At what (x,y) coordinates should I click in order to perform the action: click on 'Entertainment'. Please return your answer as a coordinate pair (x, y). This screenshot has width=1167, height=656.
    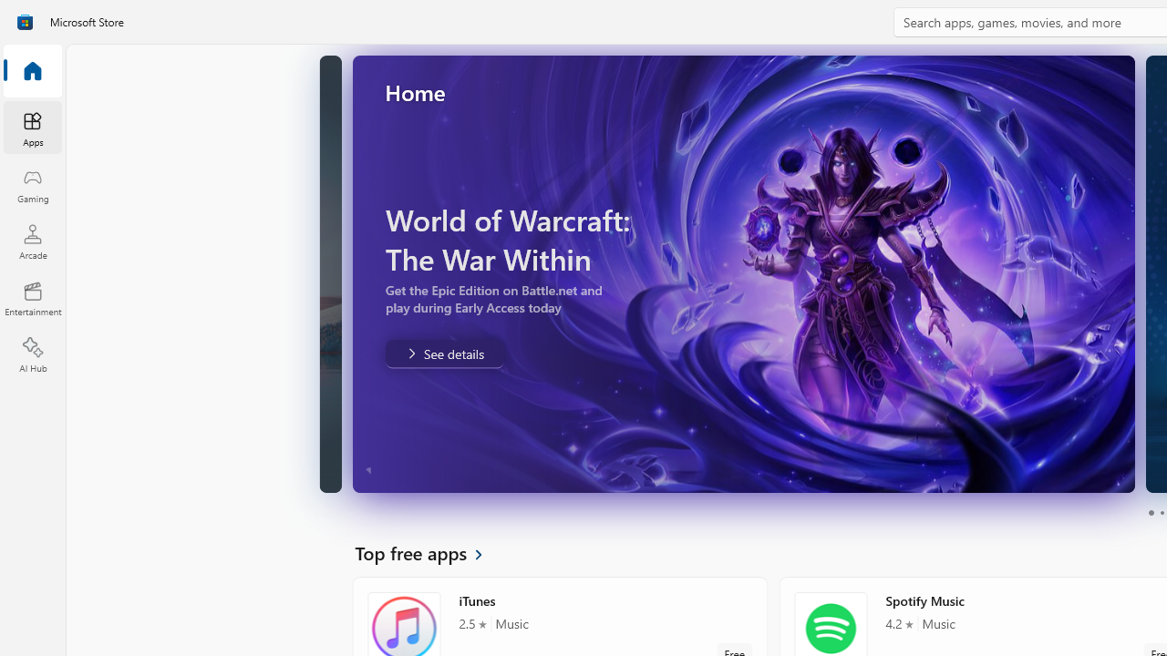
    Looking at the image, I should click on (32, 297).